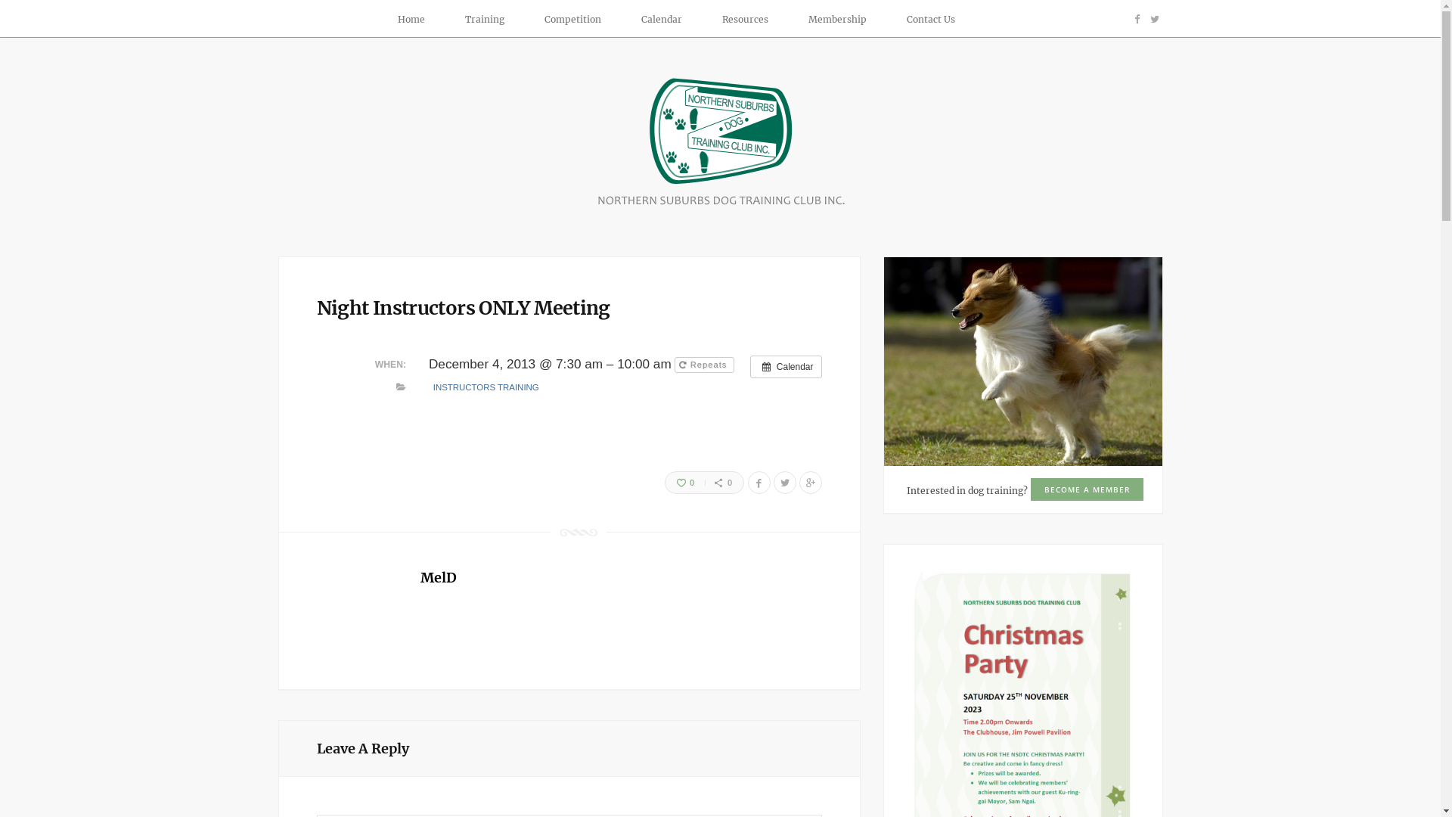  I want to click on 'Training', so click(490, 20).